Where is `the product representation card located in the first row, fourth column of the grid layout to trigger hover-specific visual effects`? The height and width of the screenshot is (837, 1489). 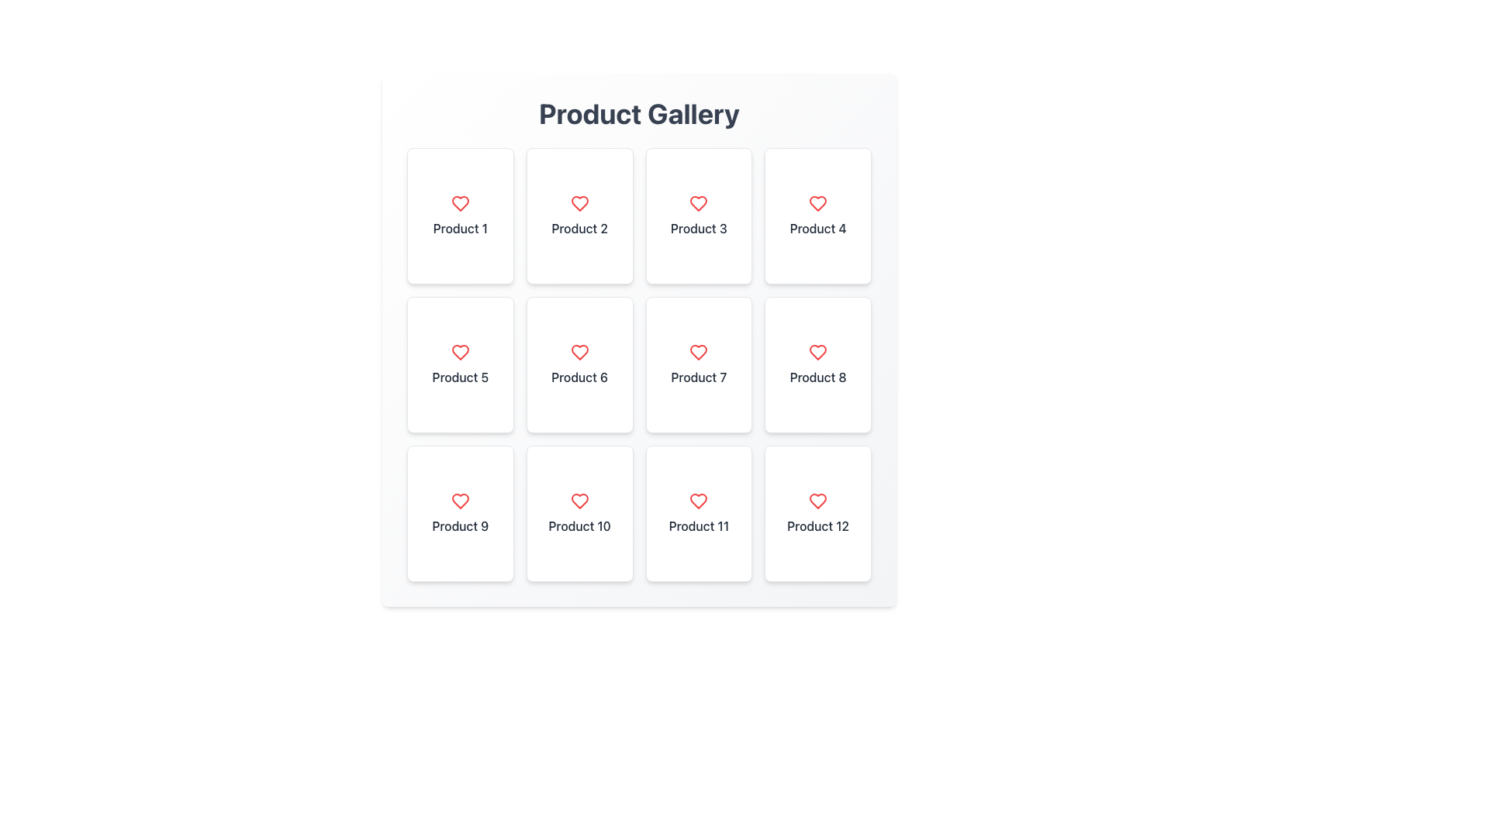
the product representation card located in the first row, fourth column of the grid layout to trigger hover-specific visual effects is located at coordinates (817, 215).